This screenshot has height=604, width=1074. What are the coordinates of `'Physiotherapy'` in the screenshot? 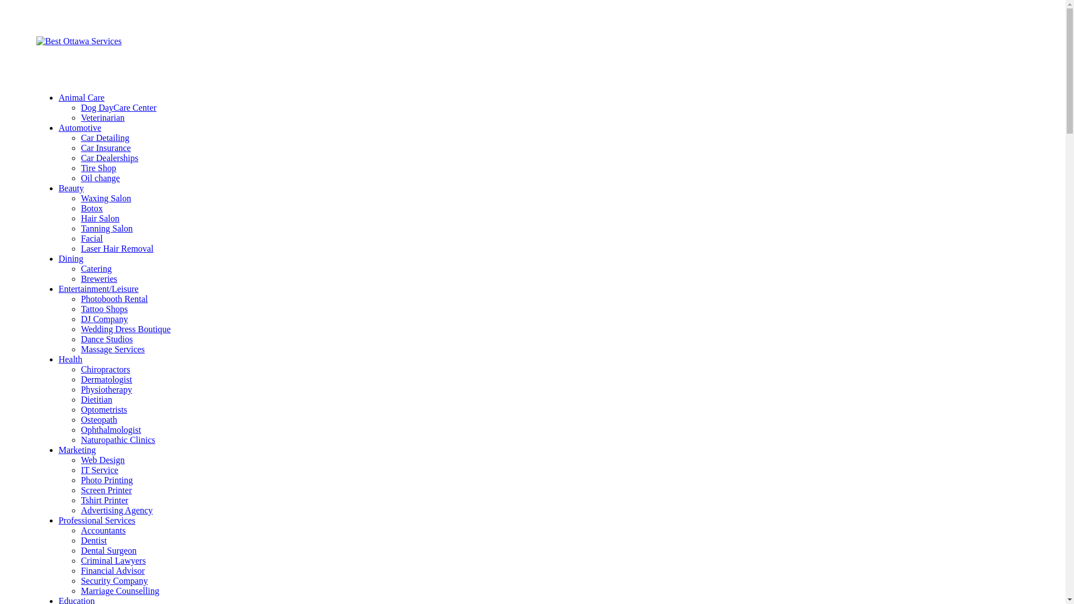 It's located at (80, 389).